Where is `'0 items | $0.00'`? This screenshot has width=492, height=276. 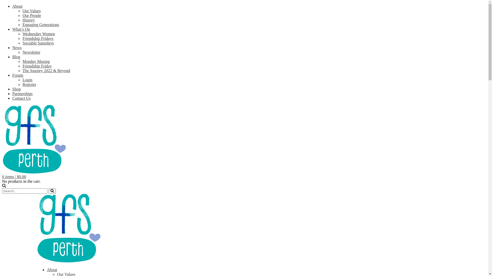 '0 items | $0.00' is located at coordinates (14, 176).